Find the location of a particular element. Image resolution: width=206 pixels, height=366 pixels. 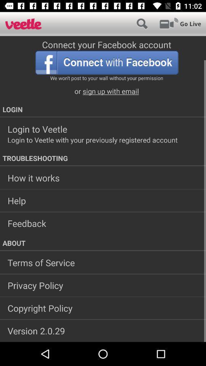

about app is located at coordinates (103, 242).